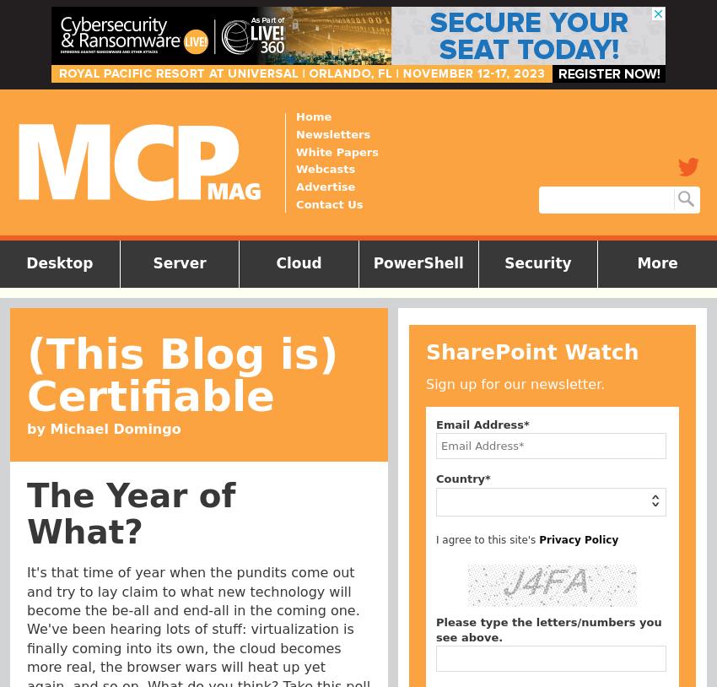 This screenshot has height=687, width=717. I want to click on 'White Papers', so click(337, 150).